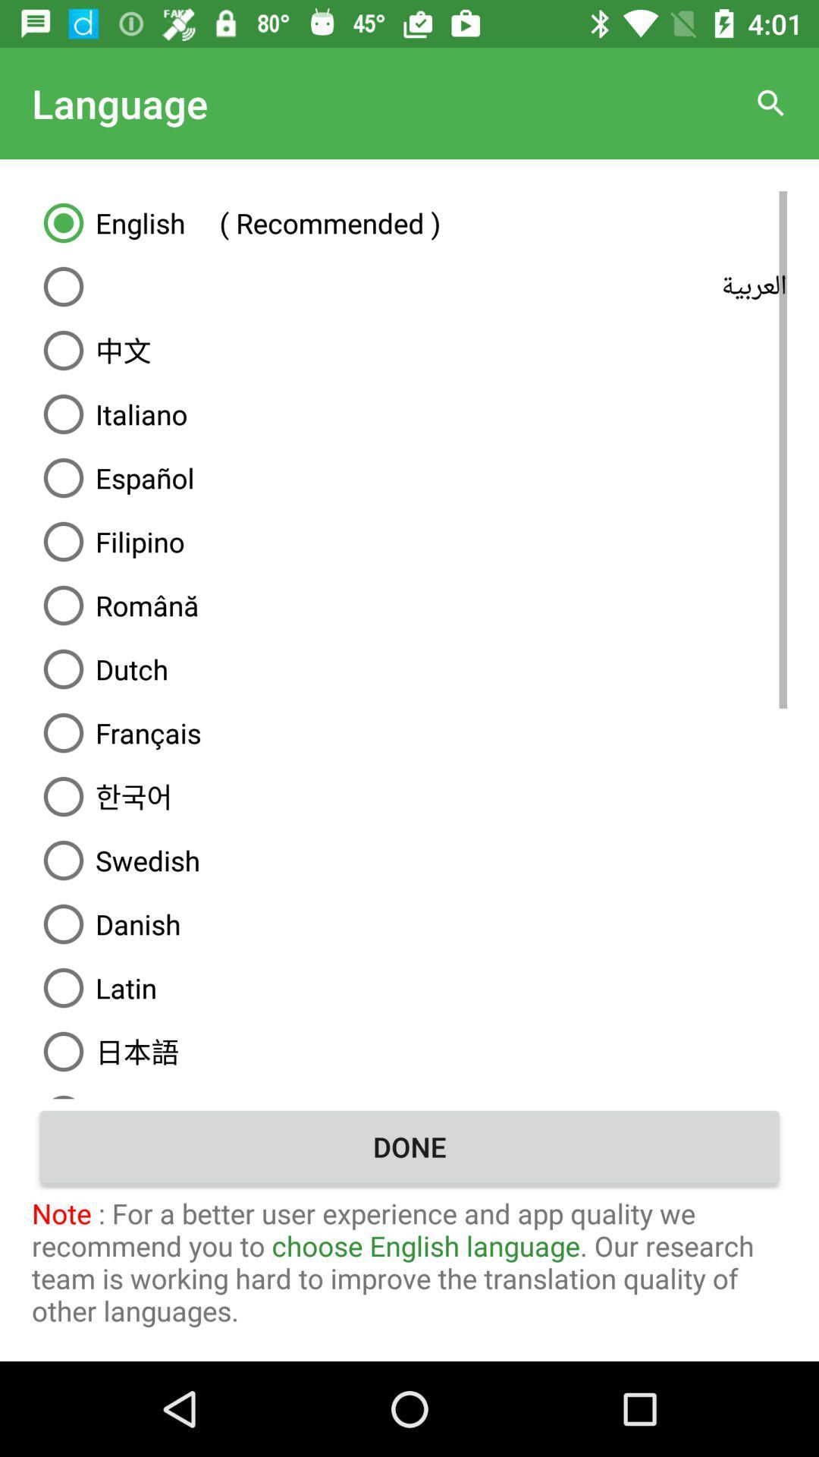 Image resolution: width=819 pixels, height=1457 pixels. What do you see at coordinates (409, 287) in the screenshot?
I see `the icon below english     ( recommended ) icon` at bounding box center [409, 287].